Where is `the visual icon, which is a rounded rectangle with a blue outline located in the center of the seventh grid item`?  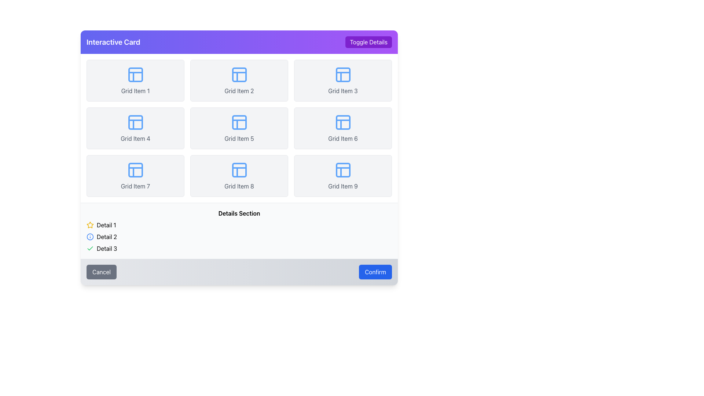
the visual icon, which is a rounded rectangle with a blue outline located in the center of the seventh grid item is located at coordinates (135, 170).